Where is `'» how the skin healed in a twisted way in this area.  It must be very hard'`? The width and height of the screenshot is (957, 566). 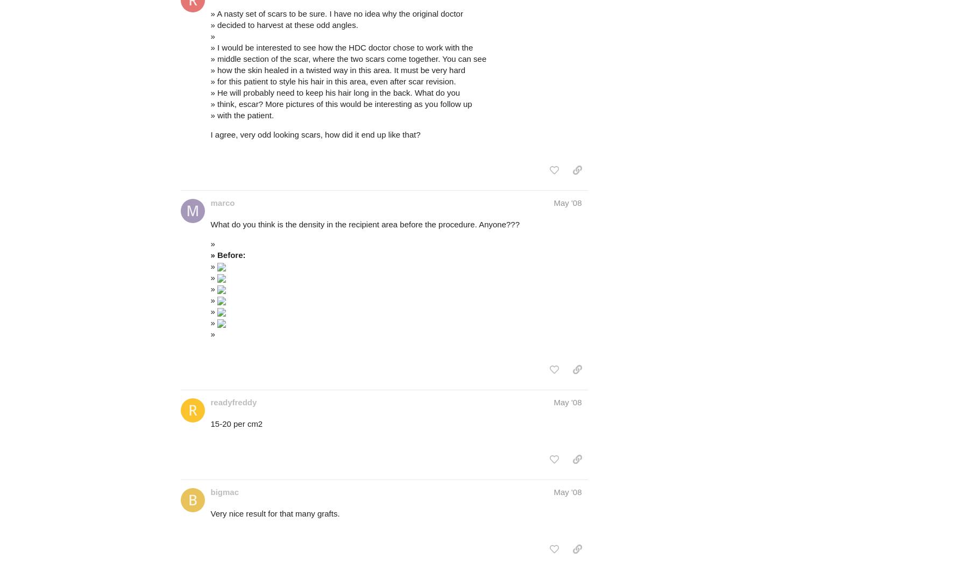
'» how the skin healed in a twisted way in this area.  It must be very hard' is located at coordinates (337, 70).